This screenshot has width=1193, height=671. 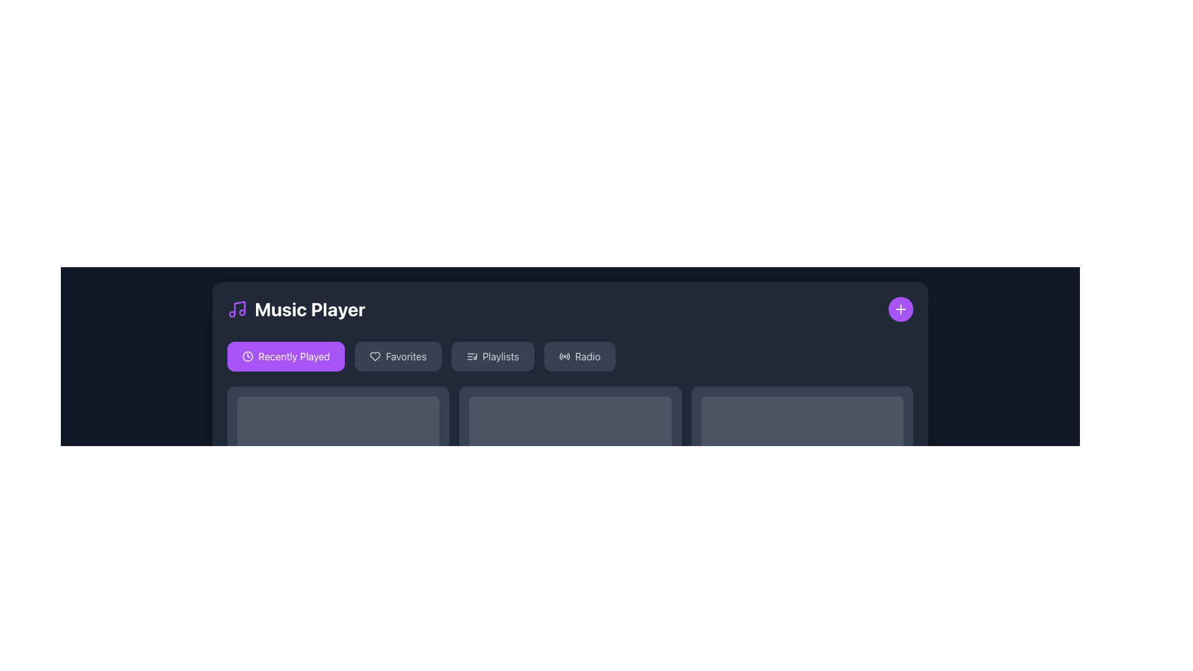 I want to click on the 'Favorites' icon located to the left of the 'Favorites' text label in the horizontal navigation bar, so click(x=375, y=357).